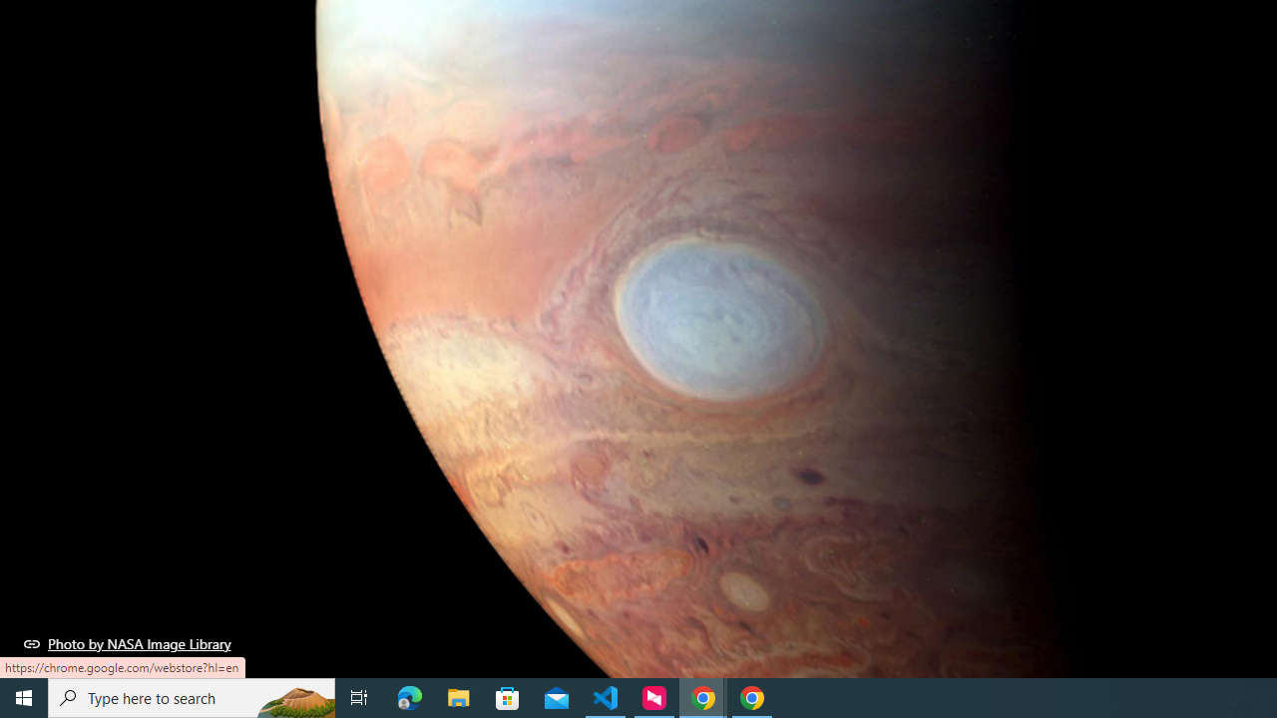 This screenshot has height=718, width=1277. What do you see at coordinates (127, 643) in the screenshot?
I see `'Photo by NASA Image Library'` at bounding box center [127, 643].